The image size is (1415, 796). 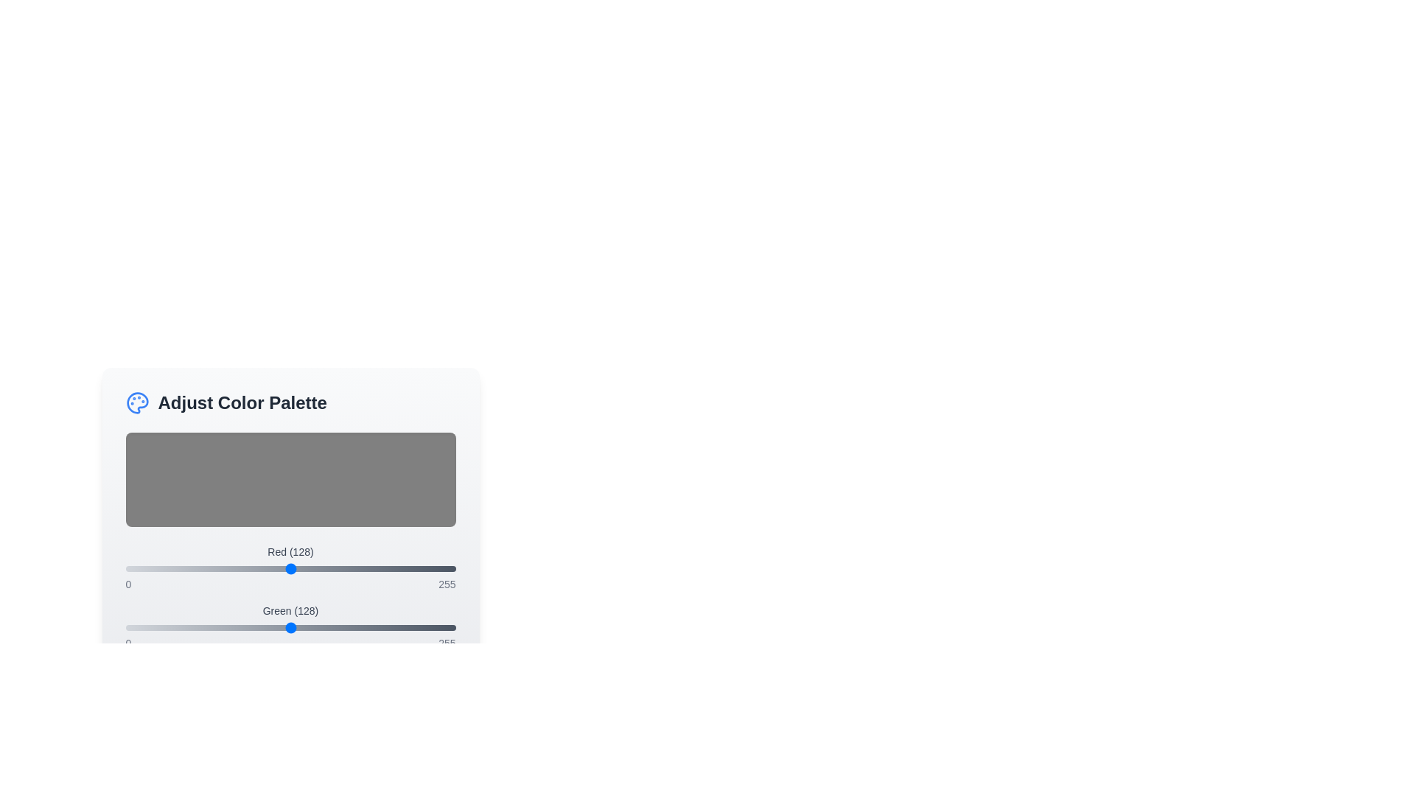 What do you see at coordinates (205, 568) in the screenshot?
I see `the red color slider to 62` at bounding box center [205, 568].